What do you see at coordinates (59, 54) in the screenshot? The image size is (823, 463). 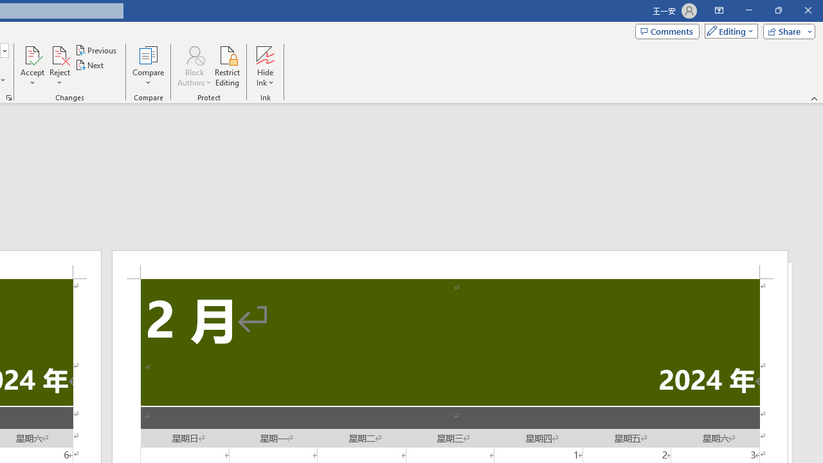 I see `'Reject and Move to Next'` at bounding box center [59, 54].